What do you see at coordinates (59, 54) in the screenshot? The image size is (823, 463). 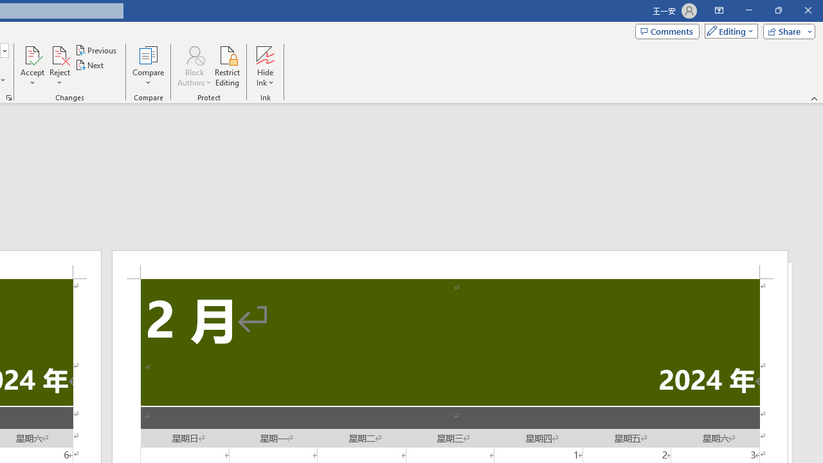 I see `'Reject and Move to Next'` at bounding box center [59, 54].